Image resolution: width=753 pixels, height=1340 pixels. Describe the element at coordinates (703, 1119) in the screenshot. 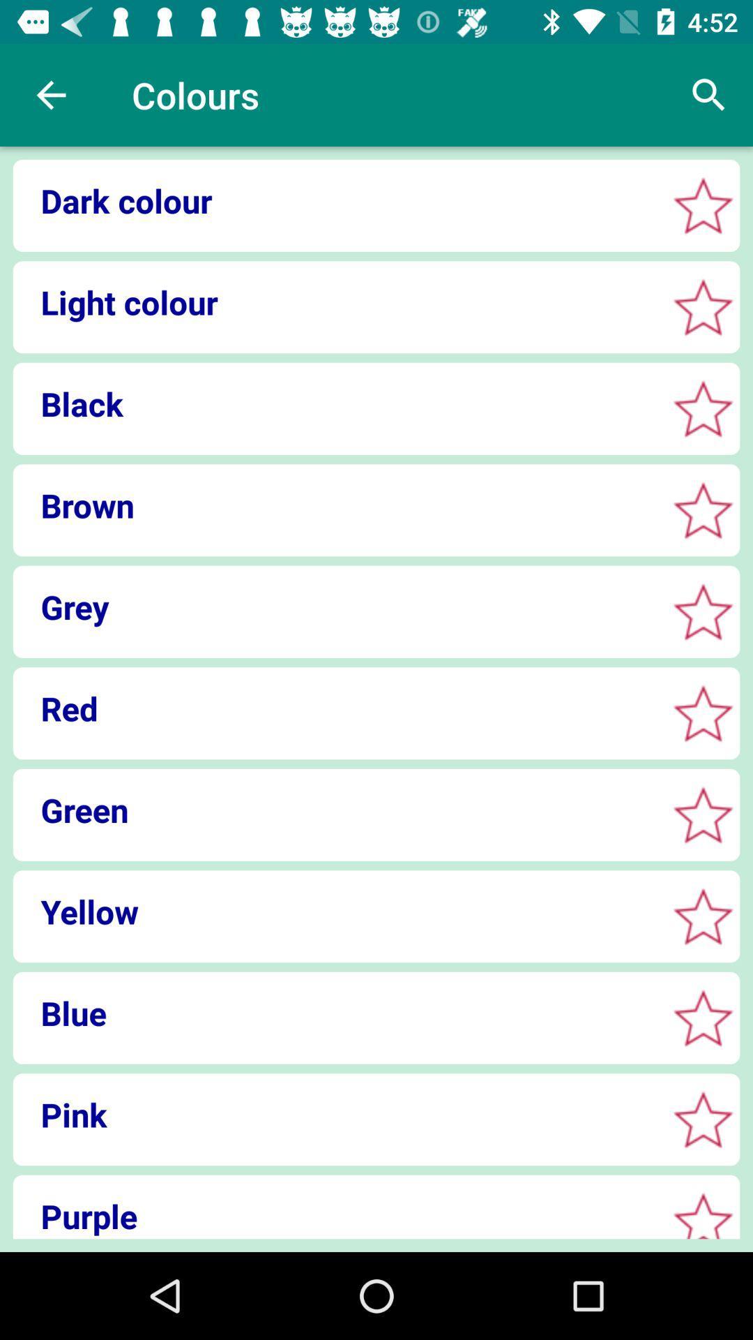

I see `fill in the star by clicking on it to indicate color choice pink` at that location.